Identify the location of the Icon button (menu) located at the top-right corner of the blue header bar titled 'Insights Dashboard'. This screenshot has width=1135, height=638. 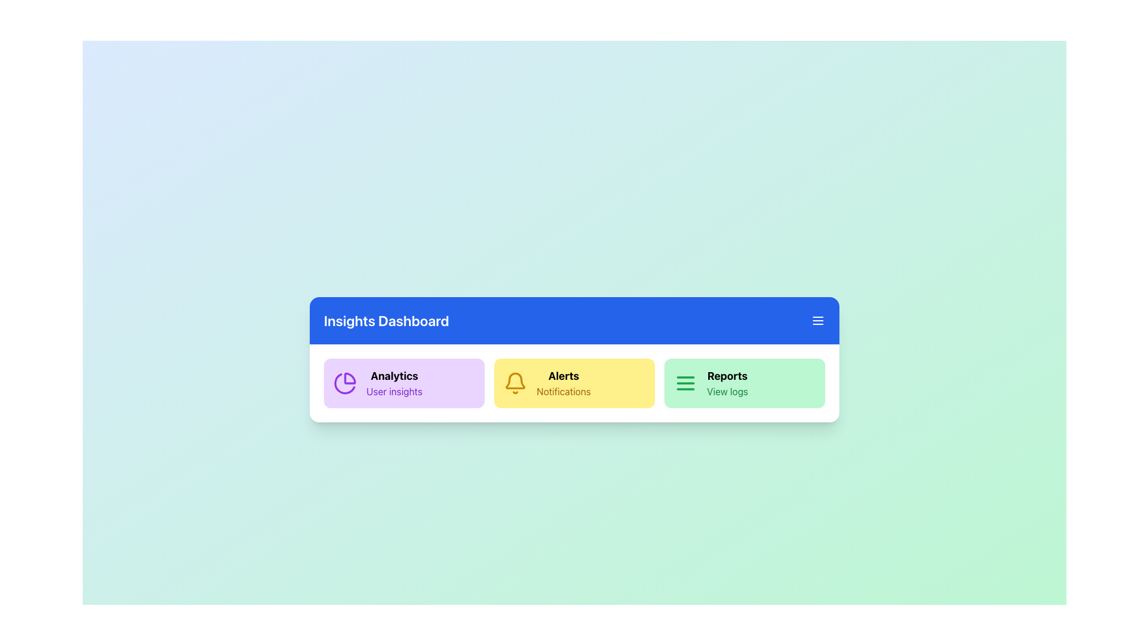
(817, 321).